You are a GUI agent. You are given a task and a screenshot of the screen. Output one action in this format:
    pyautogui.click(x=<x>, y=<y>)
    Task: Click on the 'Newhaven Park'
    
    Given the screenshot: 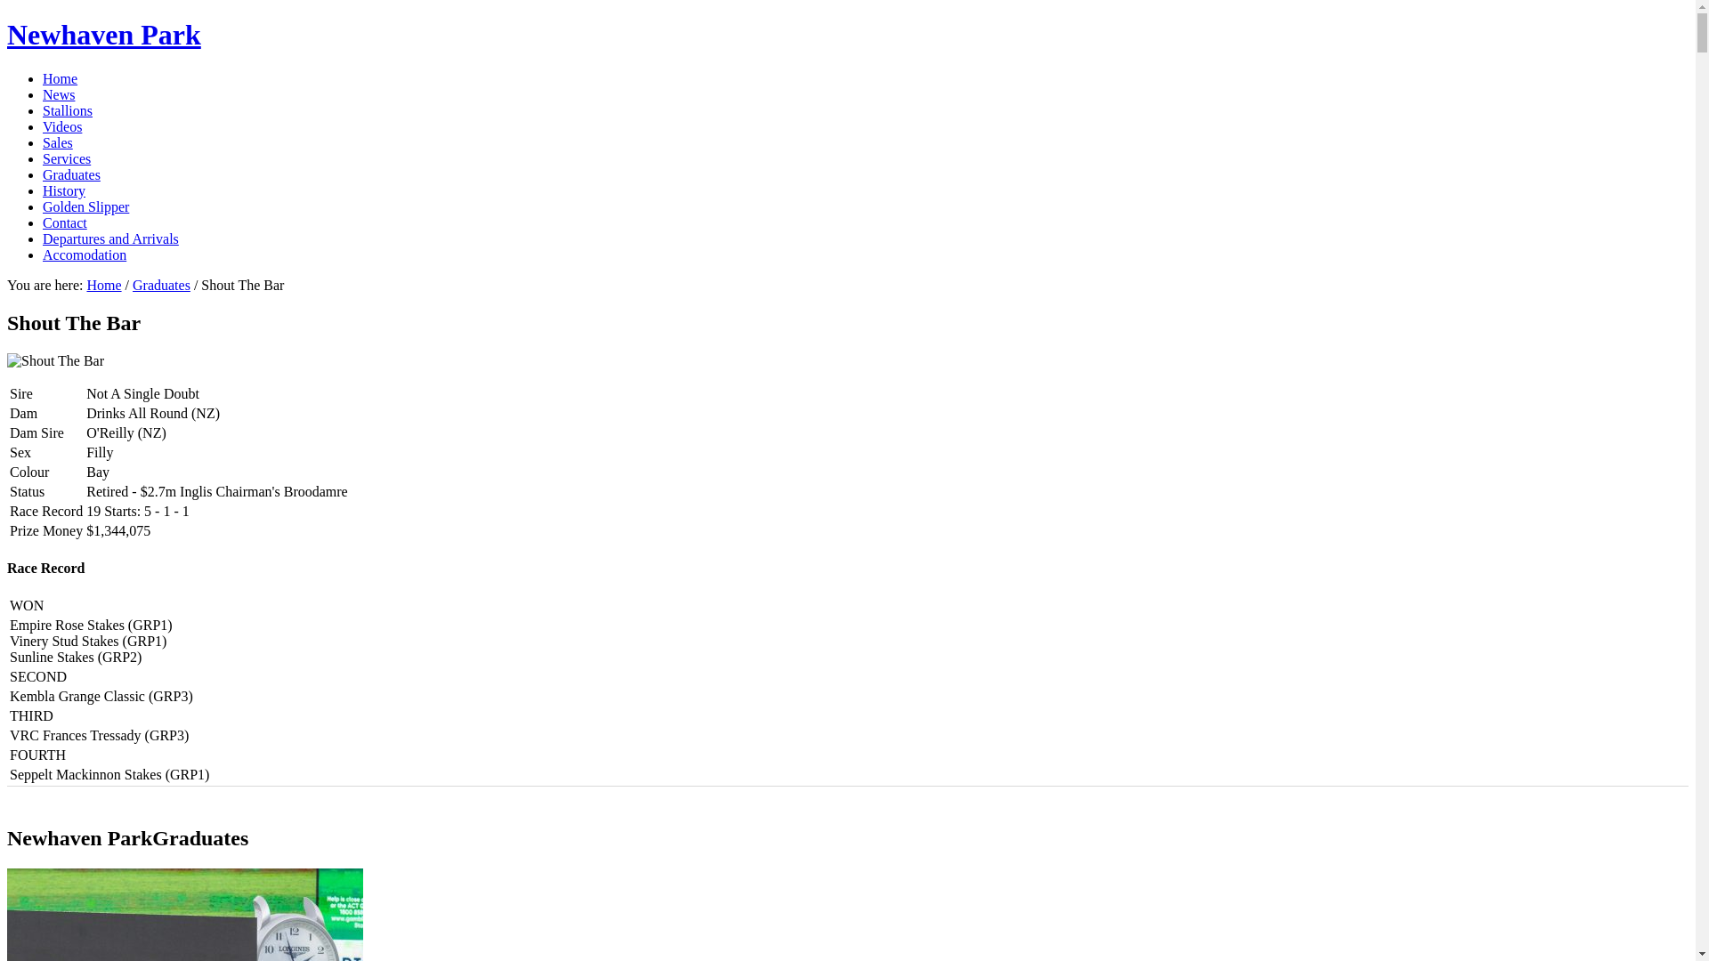 What is the action you would take?
    pyautogui.click(x=7, y=34)
    